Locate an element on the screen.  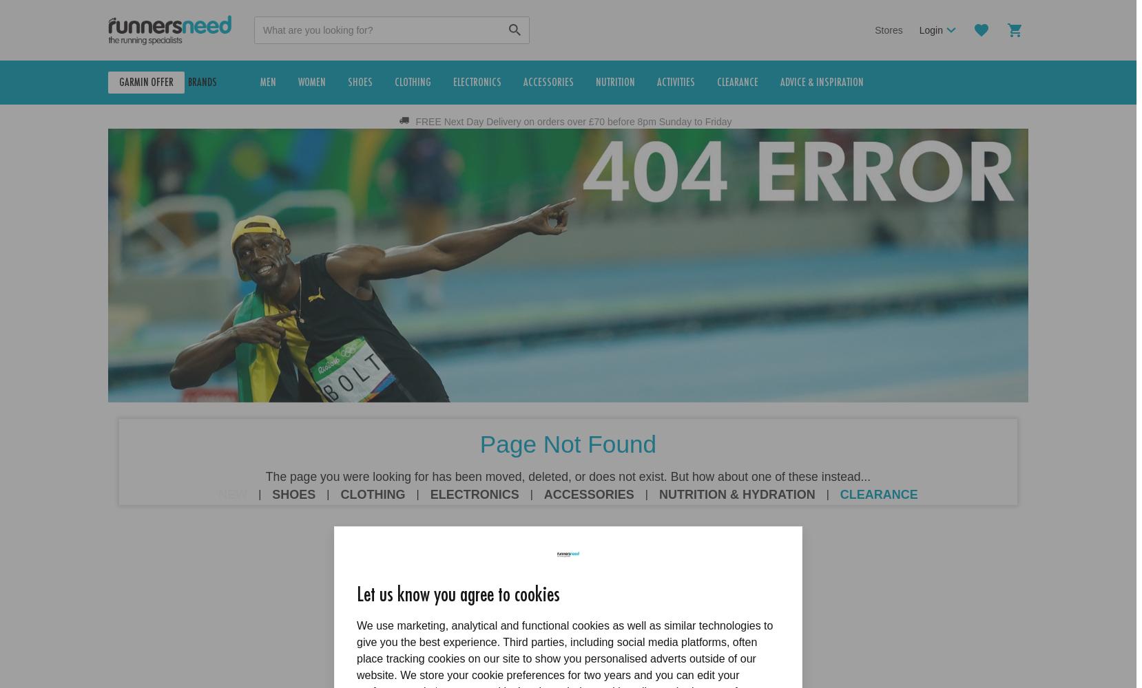
'Page Not Found' is located at coordinates (568, 443).